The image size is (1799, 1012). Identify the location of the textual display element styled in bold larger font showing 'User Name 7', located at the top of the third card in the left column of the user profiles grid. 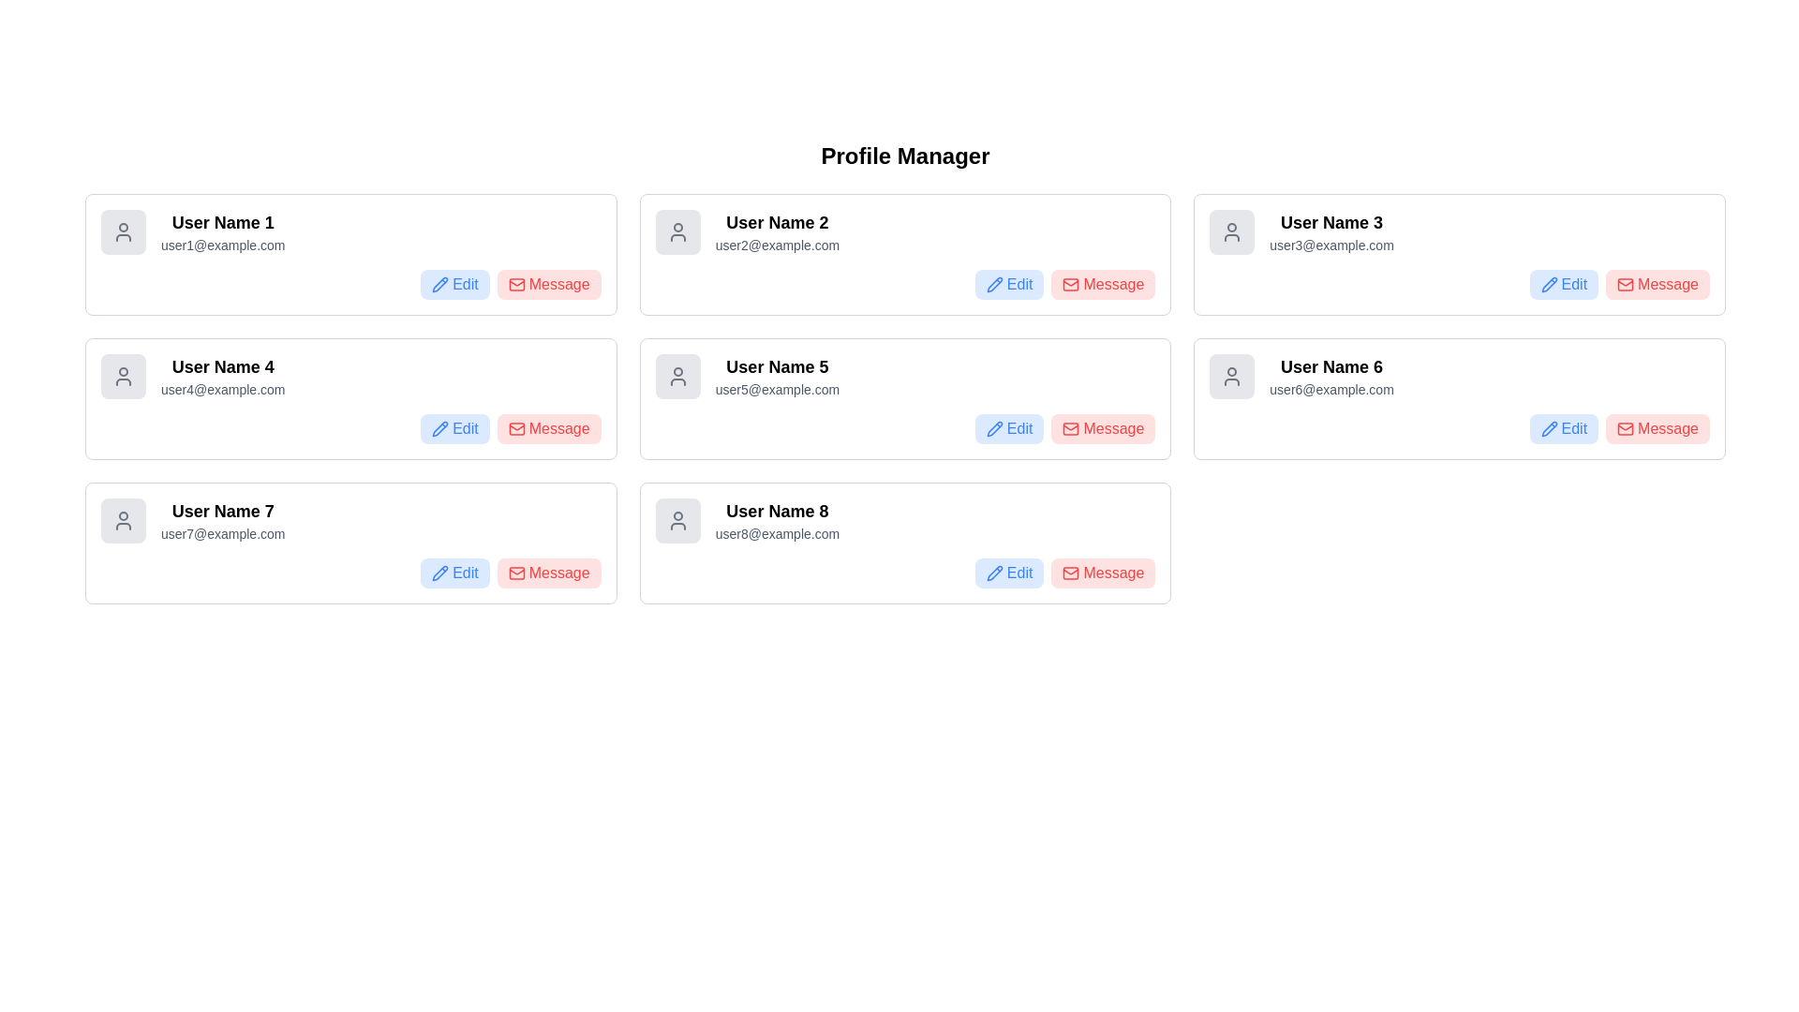
(223, 512).